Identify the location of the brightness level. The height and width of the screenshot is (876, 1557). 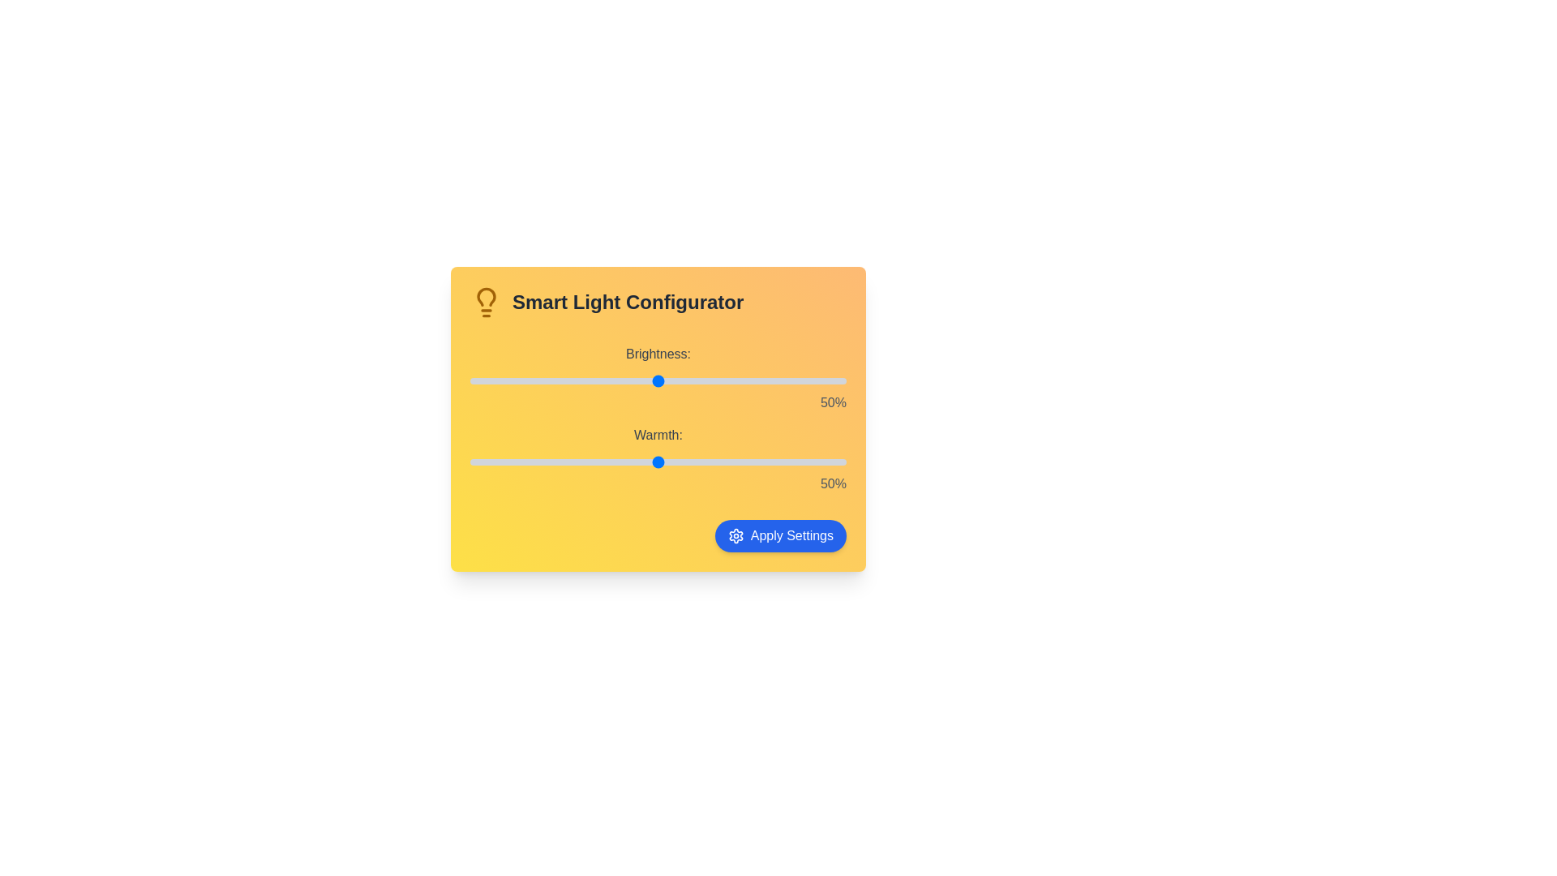
(824, 381).